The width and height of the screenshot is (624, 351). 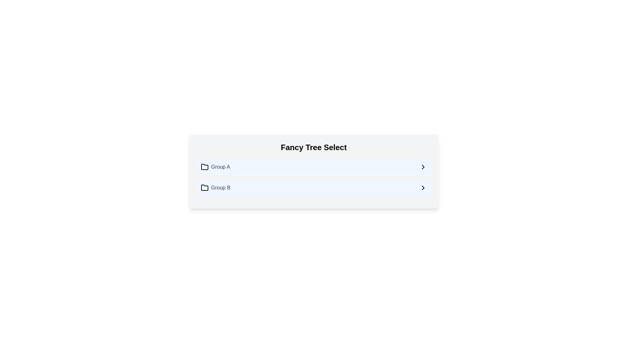 I want to click on the folder icon representing 'Group B', which is located to the left of the text 'Group B' in the second list item, so click(x=204, y=188).